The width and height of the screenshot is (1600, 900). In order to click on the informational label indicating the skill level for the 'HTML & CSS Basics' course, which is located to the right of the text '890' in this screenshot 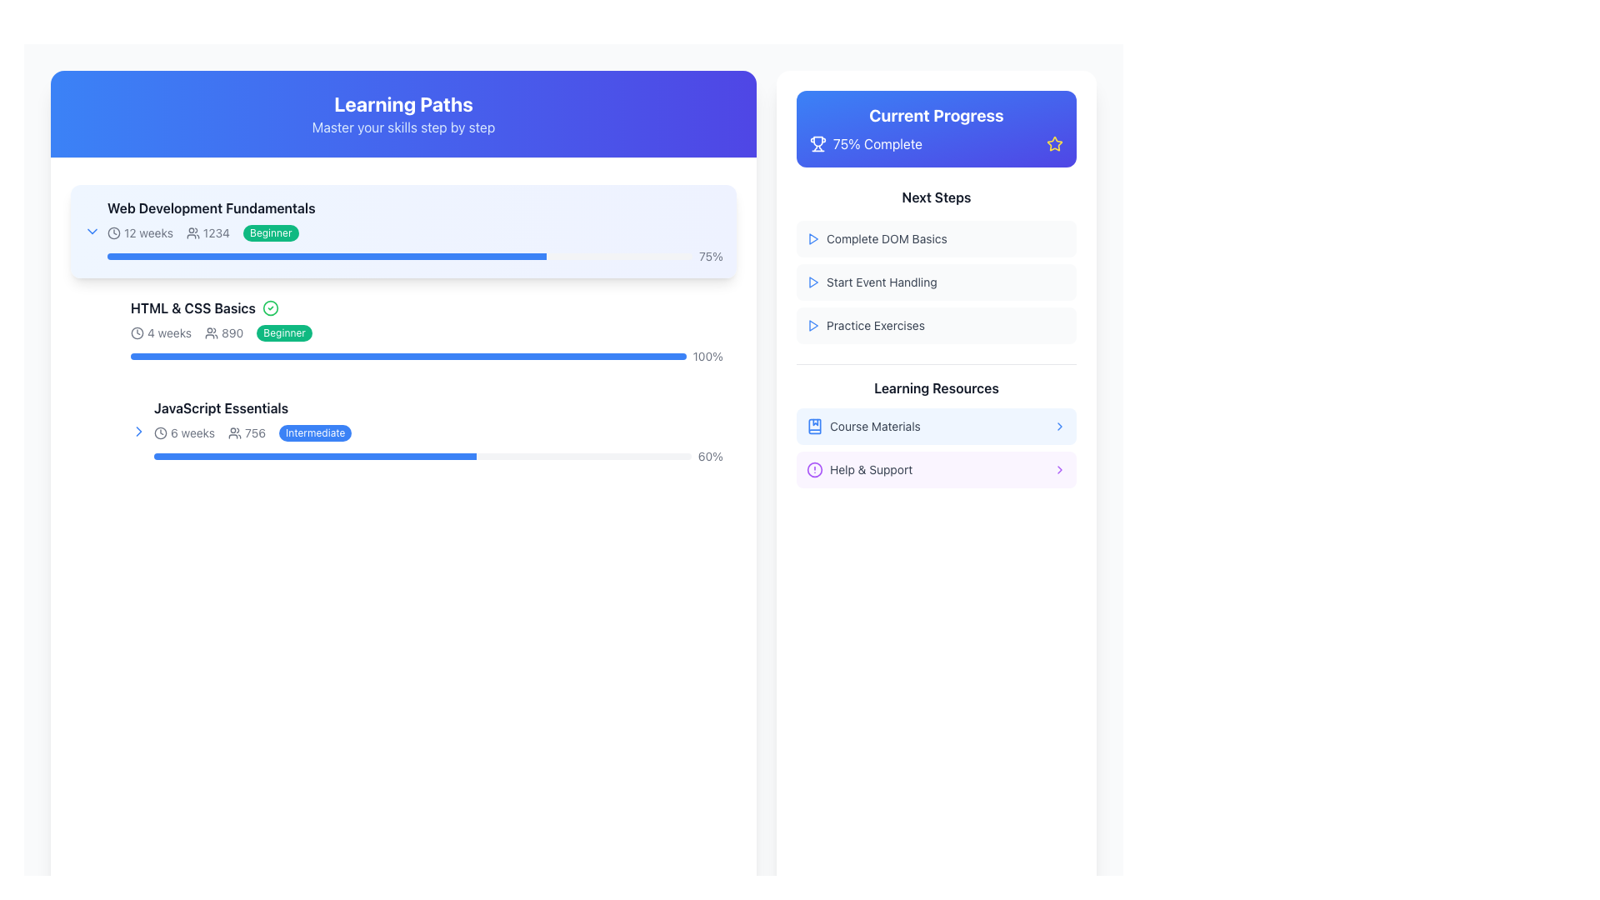, I will do `click(284, 333)`.